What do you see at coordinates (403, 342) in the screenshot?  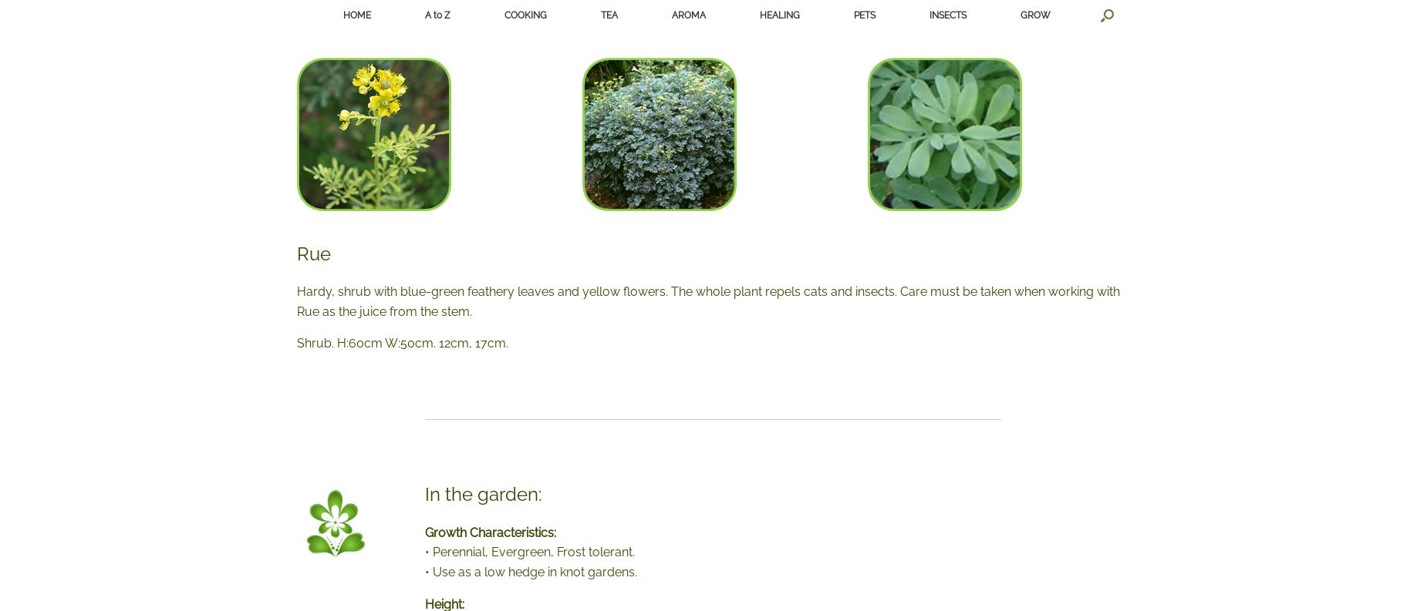 I see `'Shrub. H:60cm W:50cm. 12cm, 17cm.'` at bounding box center [403, 342].